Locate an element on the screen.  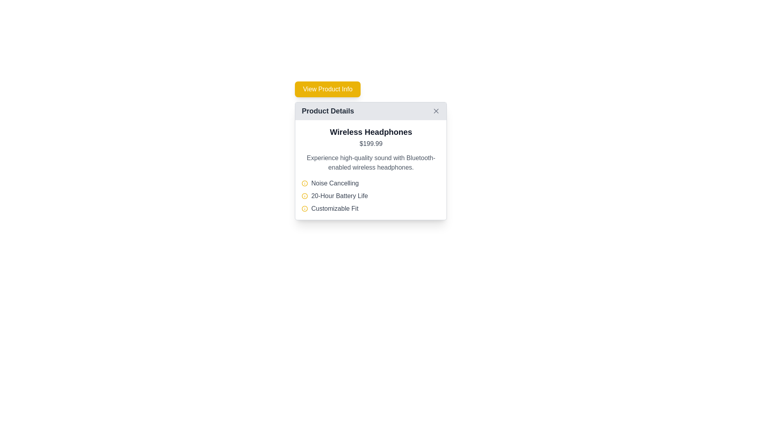
the outer circle of the information symbol representing 'Noise Cancelling' in the interface is located at coordinates (304, 196).